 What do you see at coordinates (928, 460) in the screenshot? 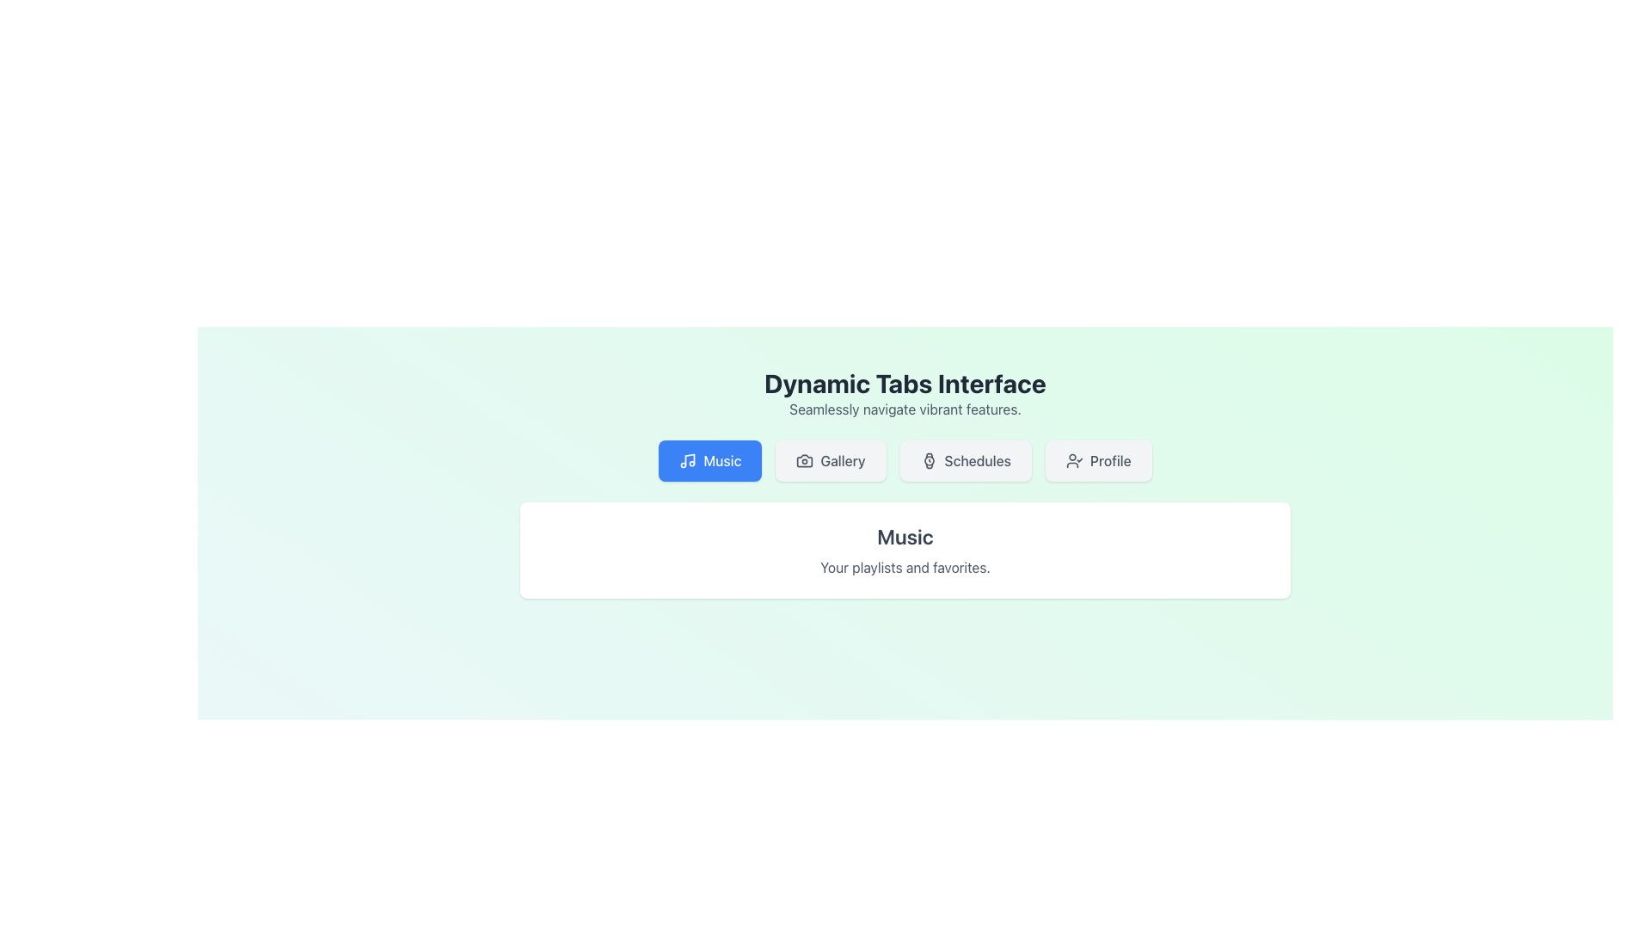
I see `the circular graphic shape representing the face of the watch icon, which is part of the 'Schedules' navigation button` at bounding box center [928, 460].